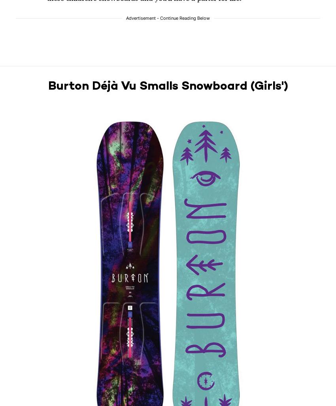 This screenshot has width=336, height=406. What do you see at coordinates (174, 350) in the screenshot?
I see `'Tech'` at bounding box center [174, 350].